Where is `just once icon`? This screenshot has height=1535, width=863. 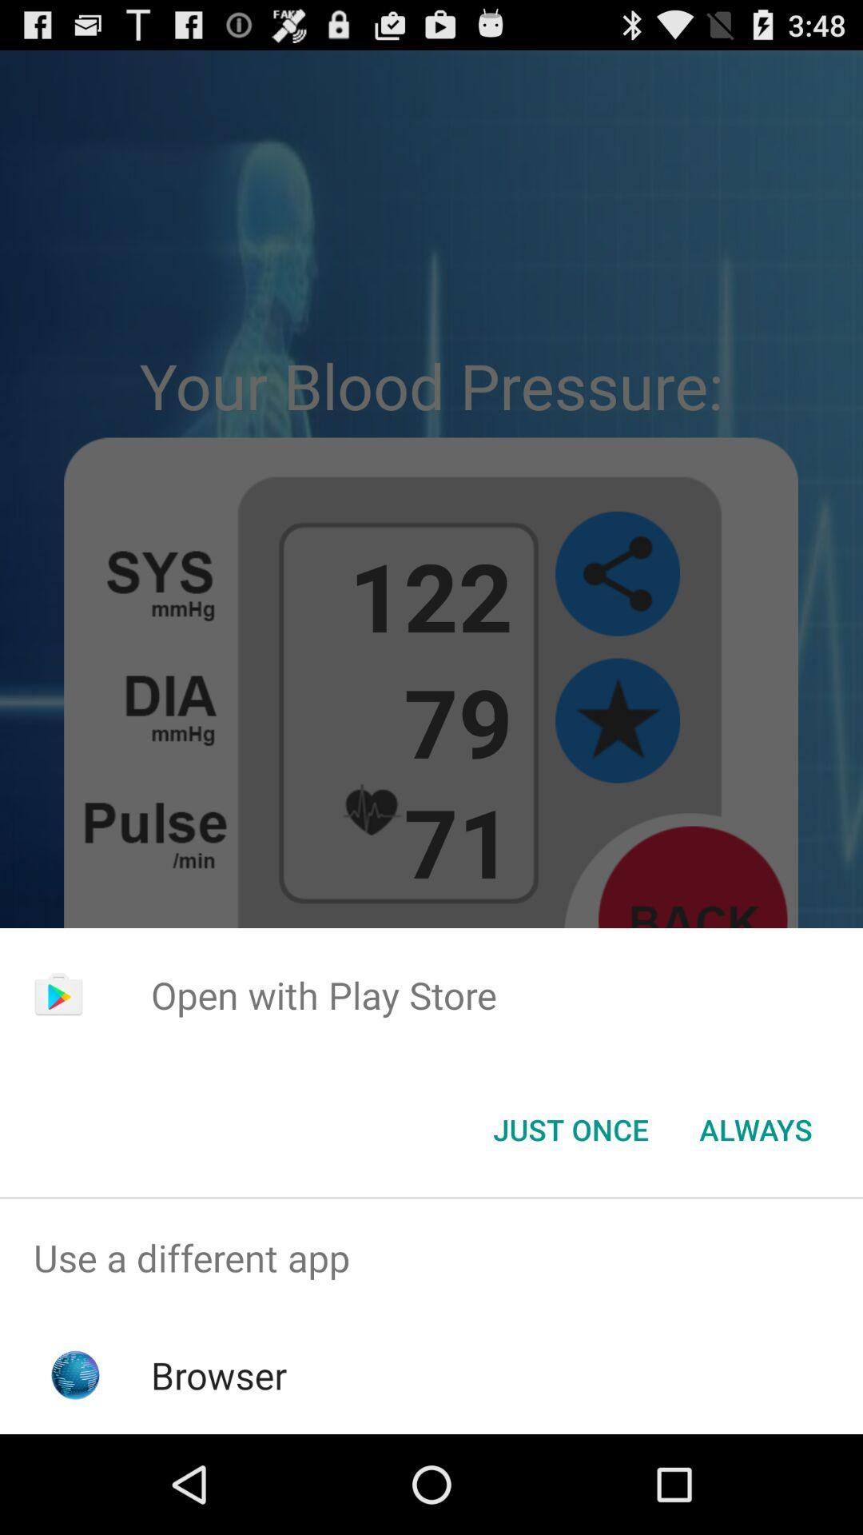 just once icon is located at coordinates (570, 1128).